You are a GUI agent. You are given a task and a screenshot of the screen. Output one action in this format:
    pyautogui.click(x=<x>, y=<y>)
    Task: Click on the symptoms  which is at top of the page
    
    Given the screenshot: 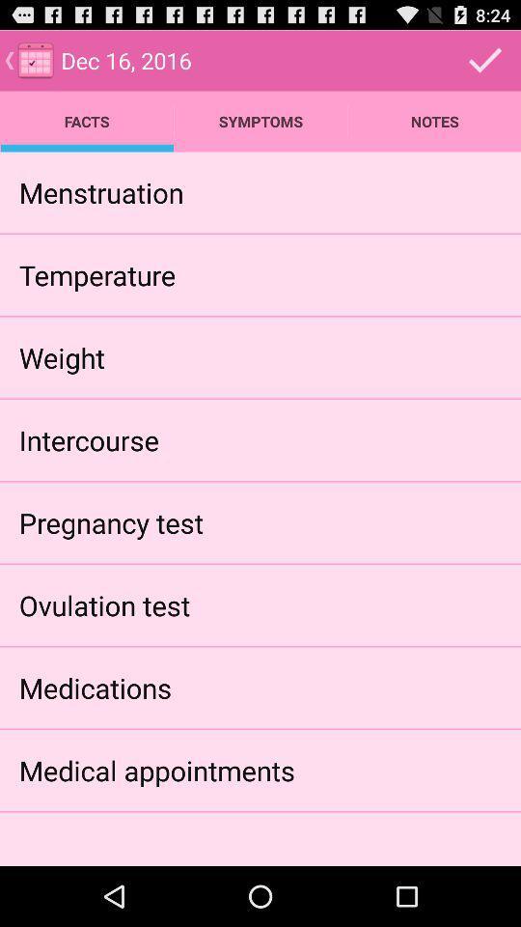 What is the action you would take?
    pyautogui.click(x=260, y=121)
    